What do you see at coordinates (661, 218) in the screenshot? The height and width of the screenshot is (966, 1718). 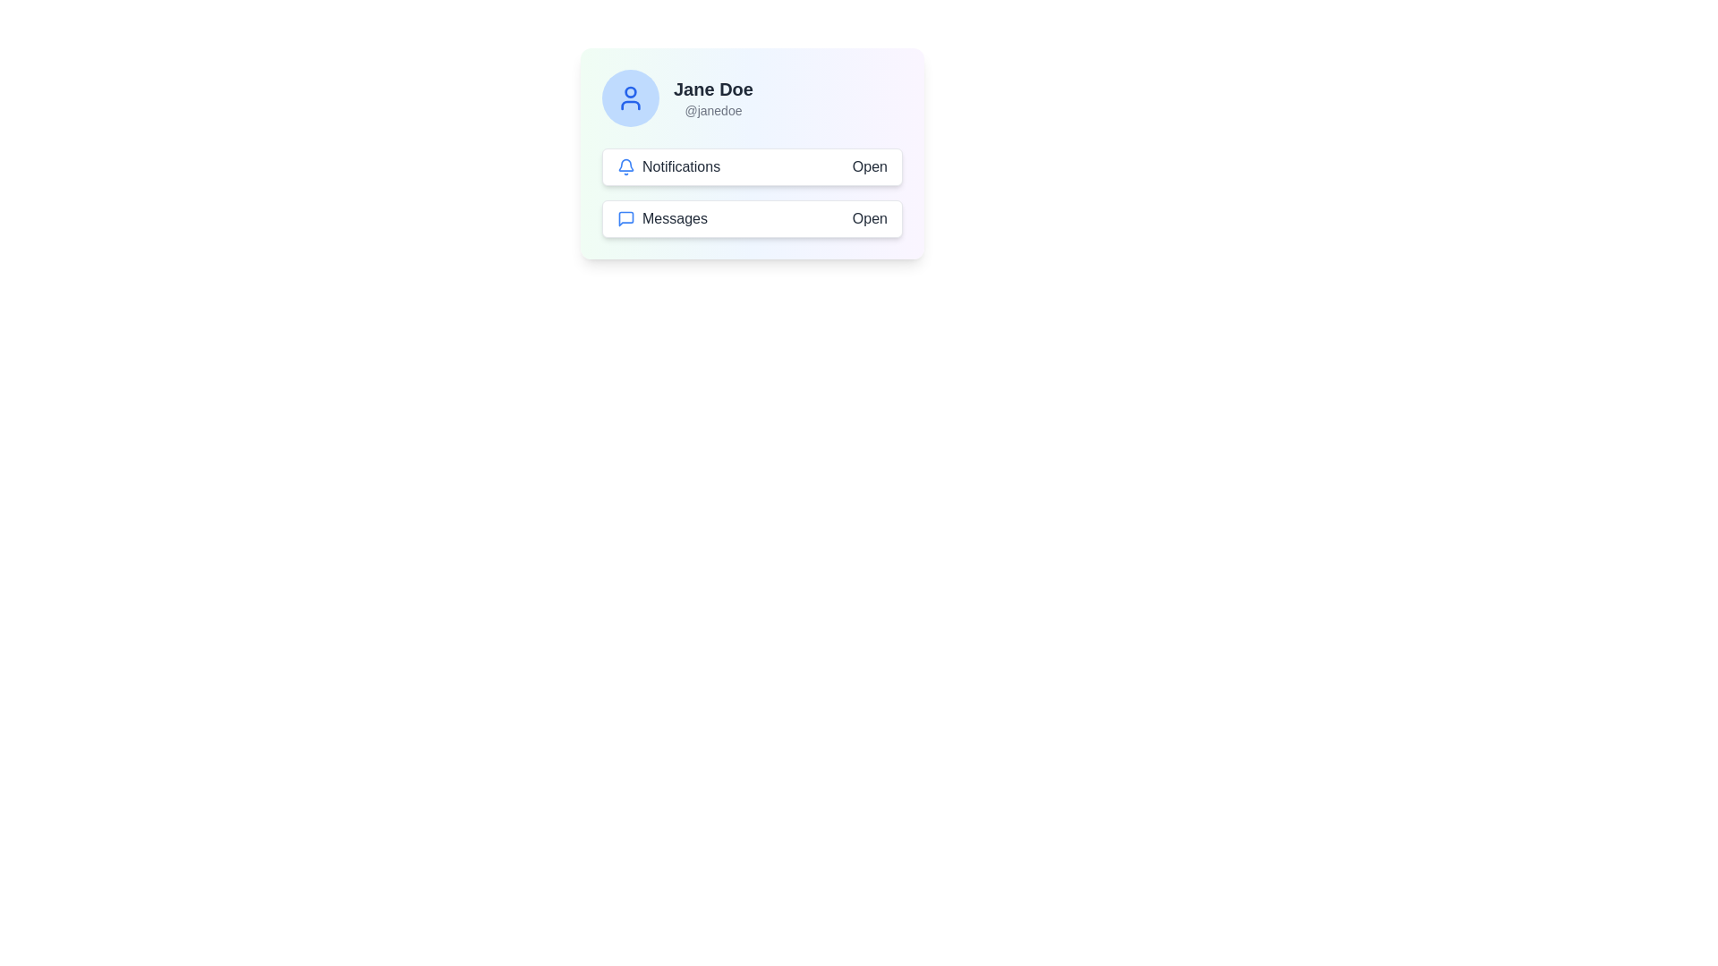 I see `the 'Messages' text label, which is black and positioned next to a blue chat bubble icon within the 'MessagesOpen' group` at bounding box center [661, 218].